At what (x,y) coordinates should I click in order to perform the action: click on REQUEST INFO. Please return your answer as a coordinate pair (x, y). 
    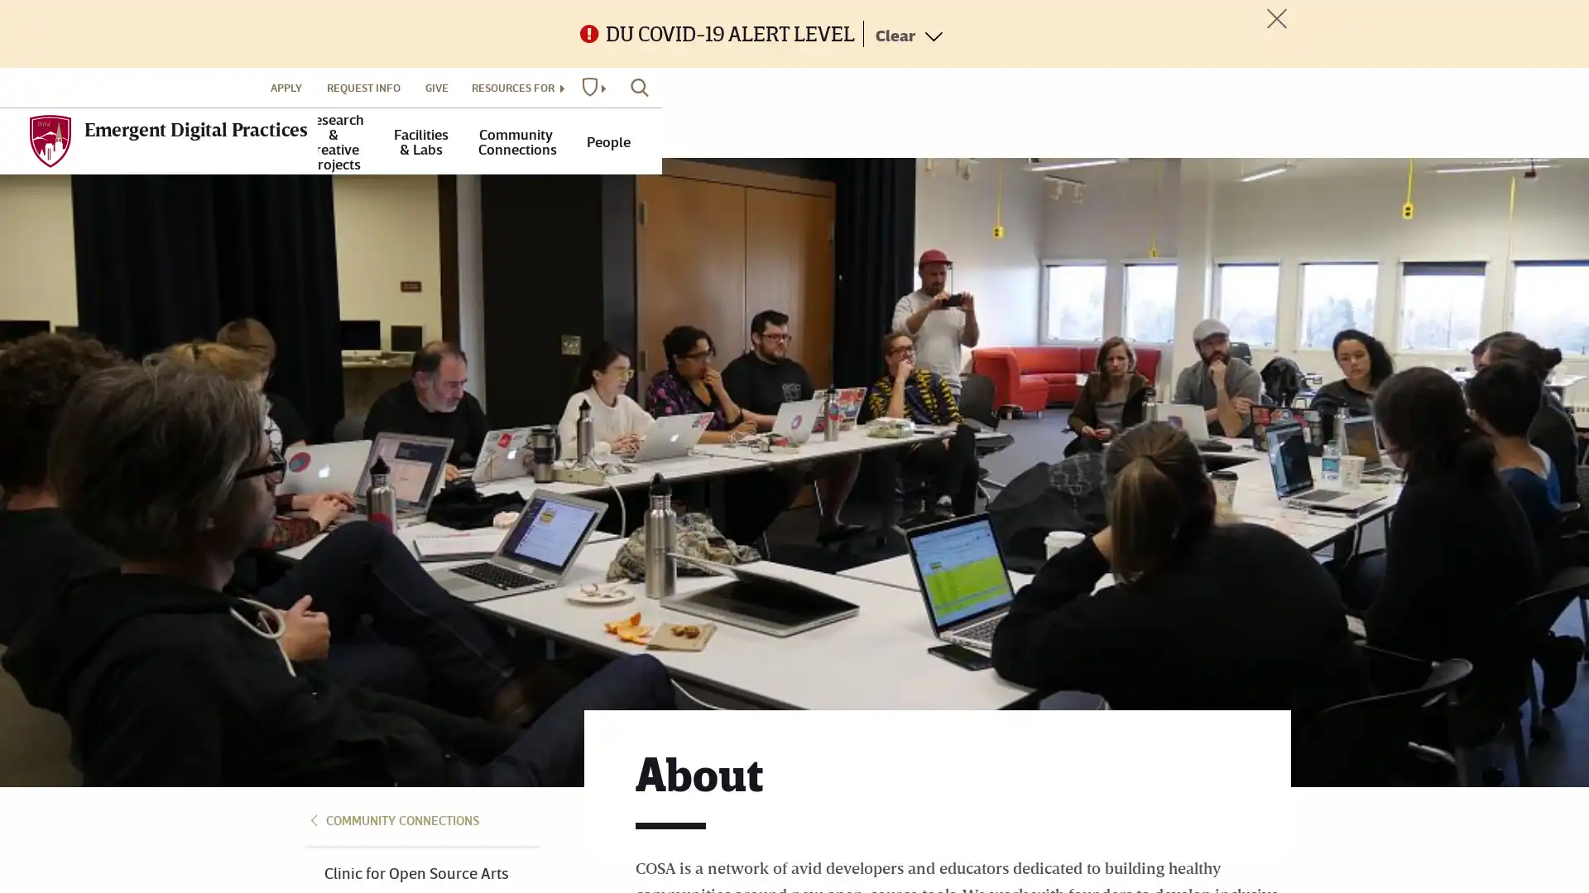
    Looking at the image, I should click on (992, 87).